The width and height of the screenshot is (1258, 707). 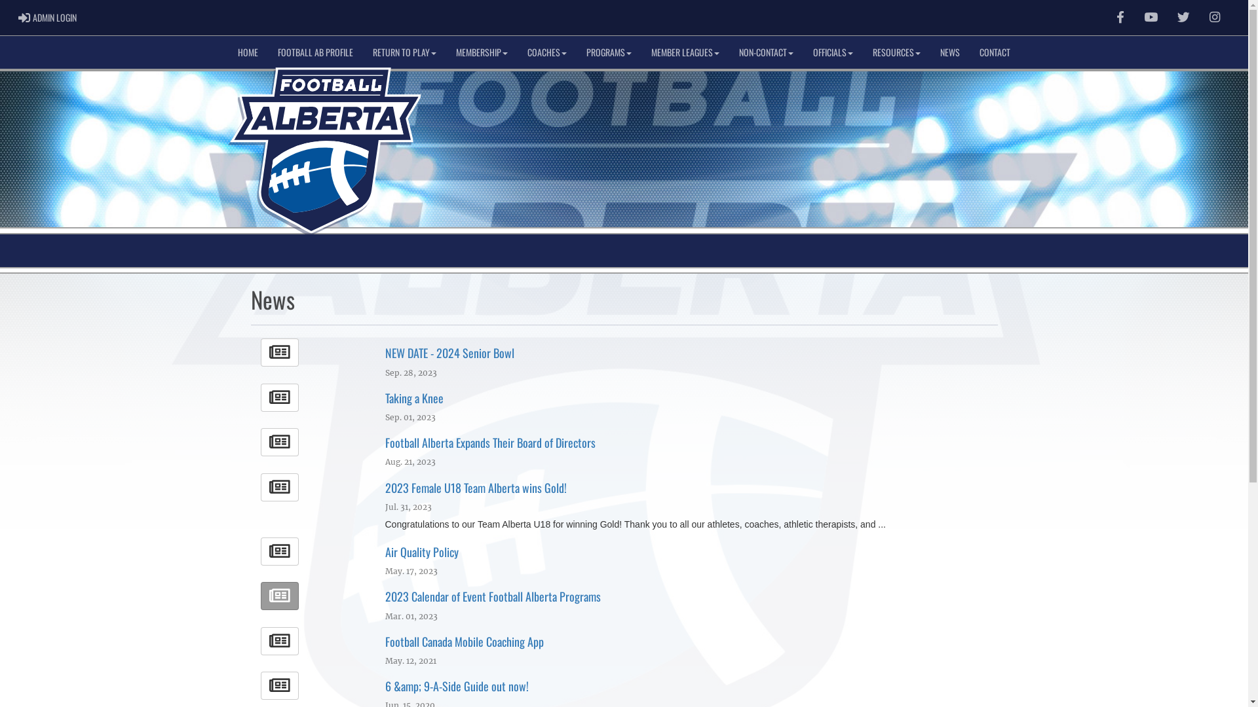 What do you see at coordinates (1213, 18) in the screenshot?
I see `'Instagram'` at bounding box center [1213, 18].